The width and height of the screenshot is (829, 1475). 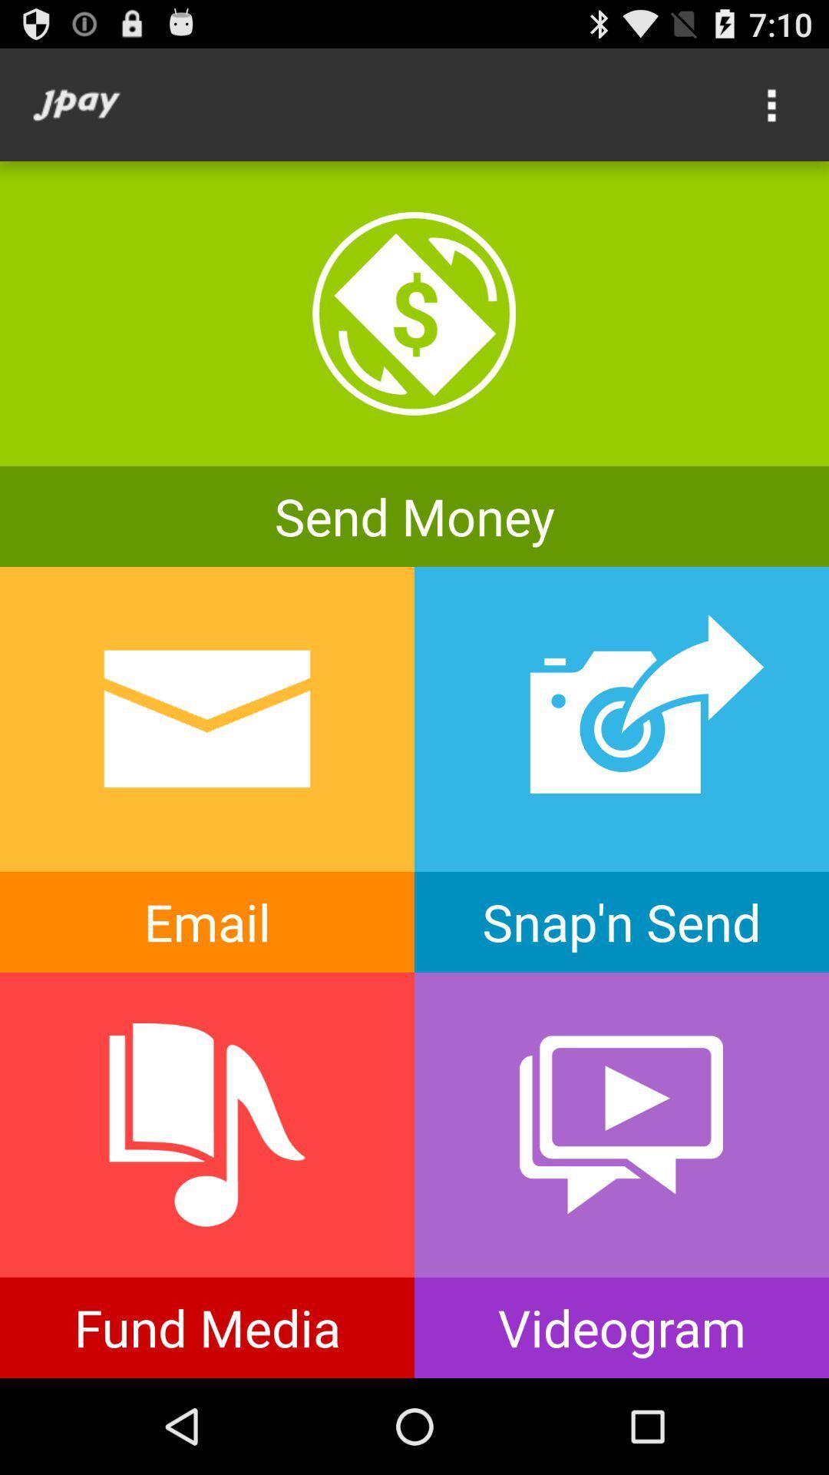 What do you see at coordinates (772, 104) in the screenshot?
I see `menu` at bounding box center [772, 104].